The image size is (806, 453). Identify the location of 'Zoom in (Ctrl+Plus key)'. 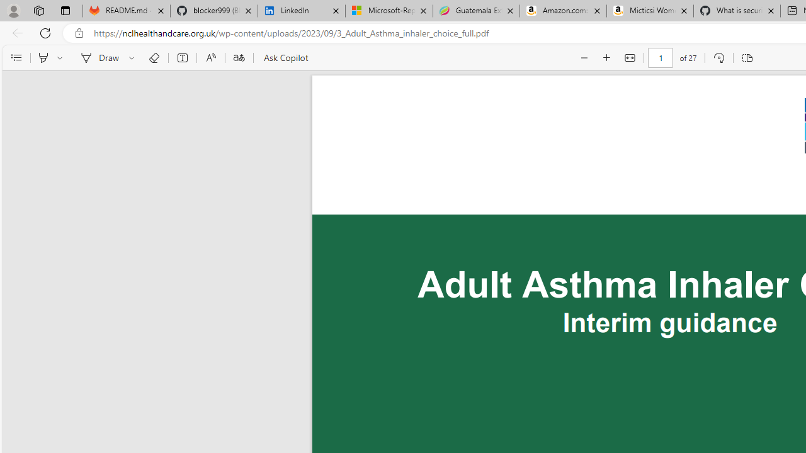
(607, 58).